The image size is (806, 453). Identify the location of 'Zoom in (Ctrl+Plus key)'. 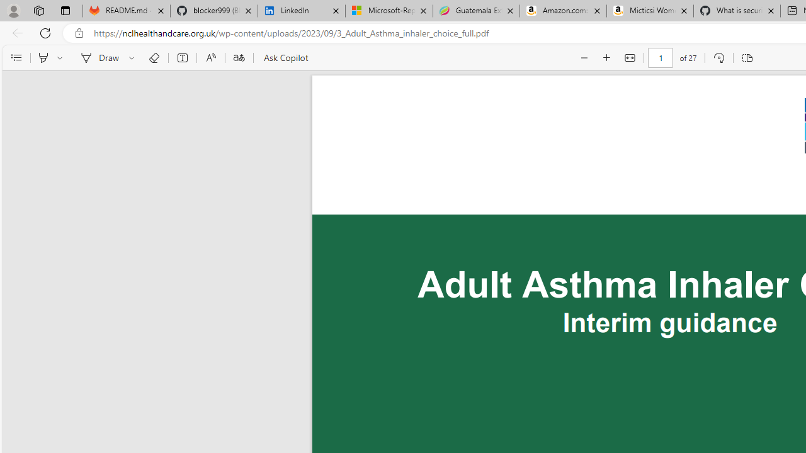
(607, 58).